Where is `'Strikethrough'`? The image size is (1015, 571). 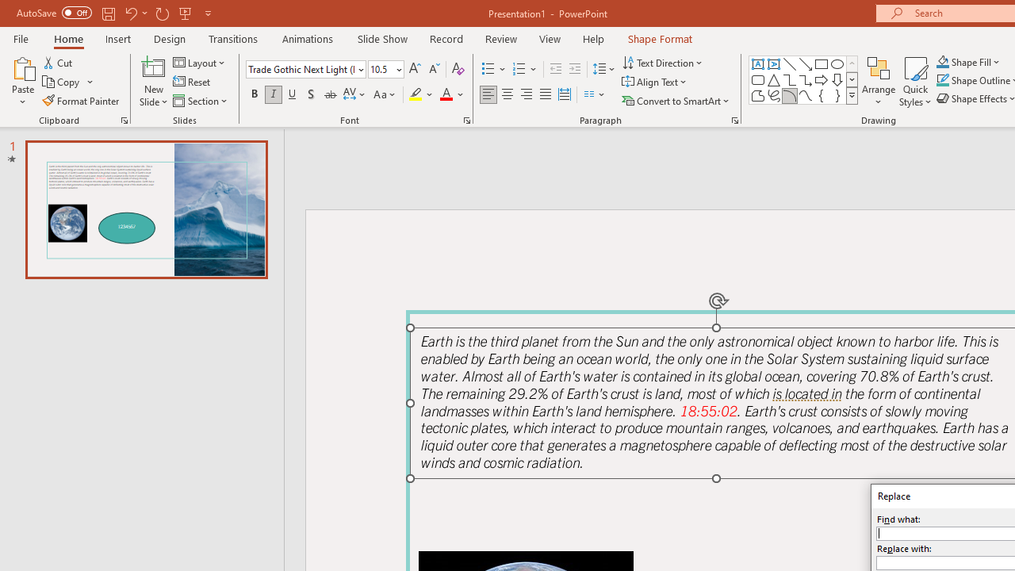 'Strikethrough' is located at coordinates (329, 94).